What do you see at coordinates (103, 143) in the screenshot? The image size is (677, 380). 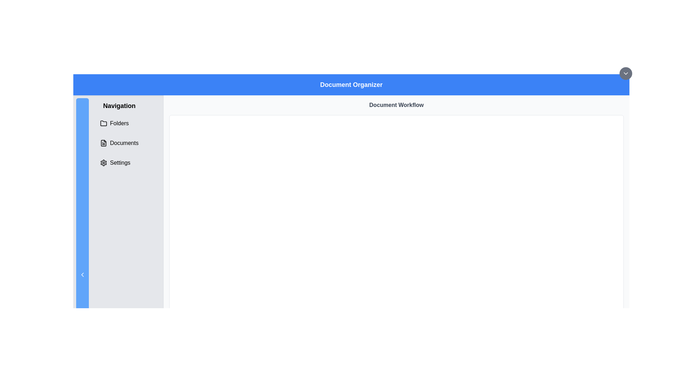 I see `the 'Documents' icon in the sidebar` at bounding box center [103, 143].